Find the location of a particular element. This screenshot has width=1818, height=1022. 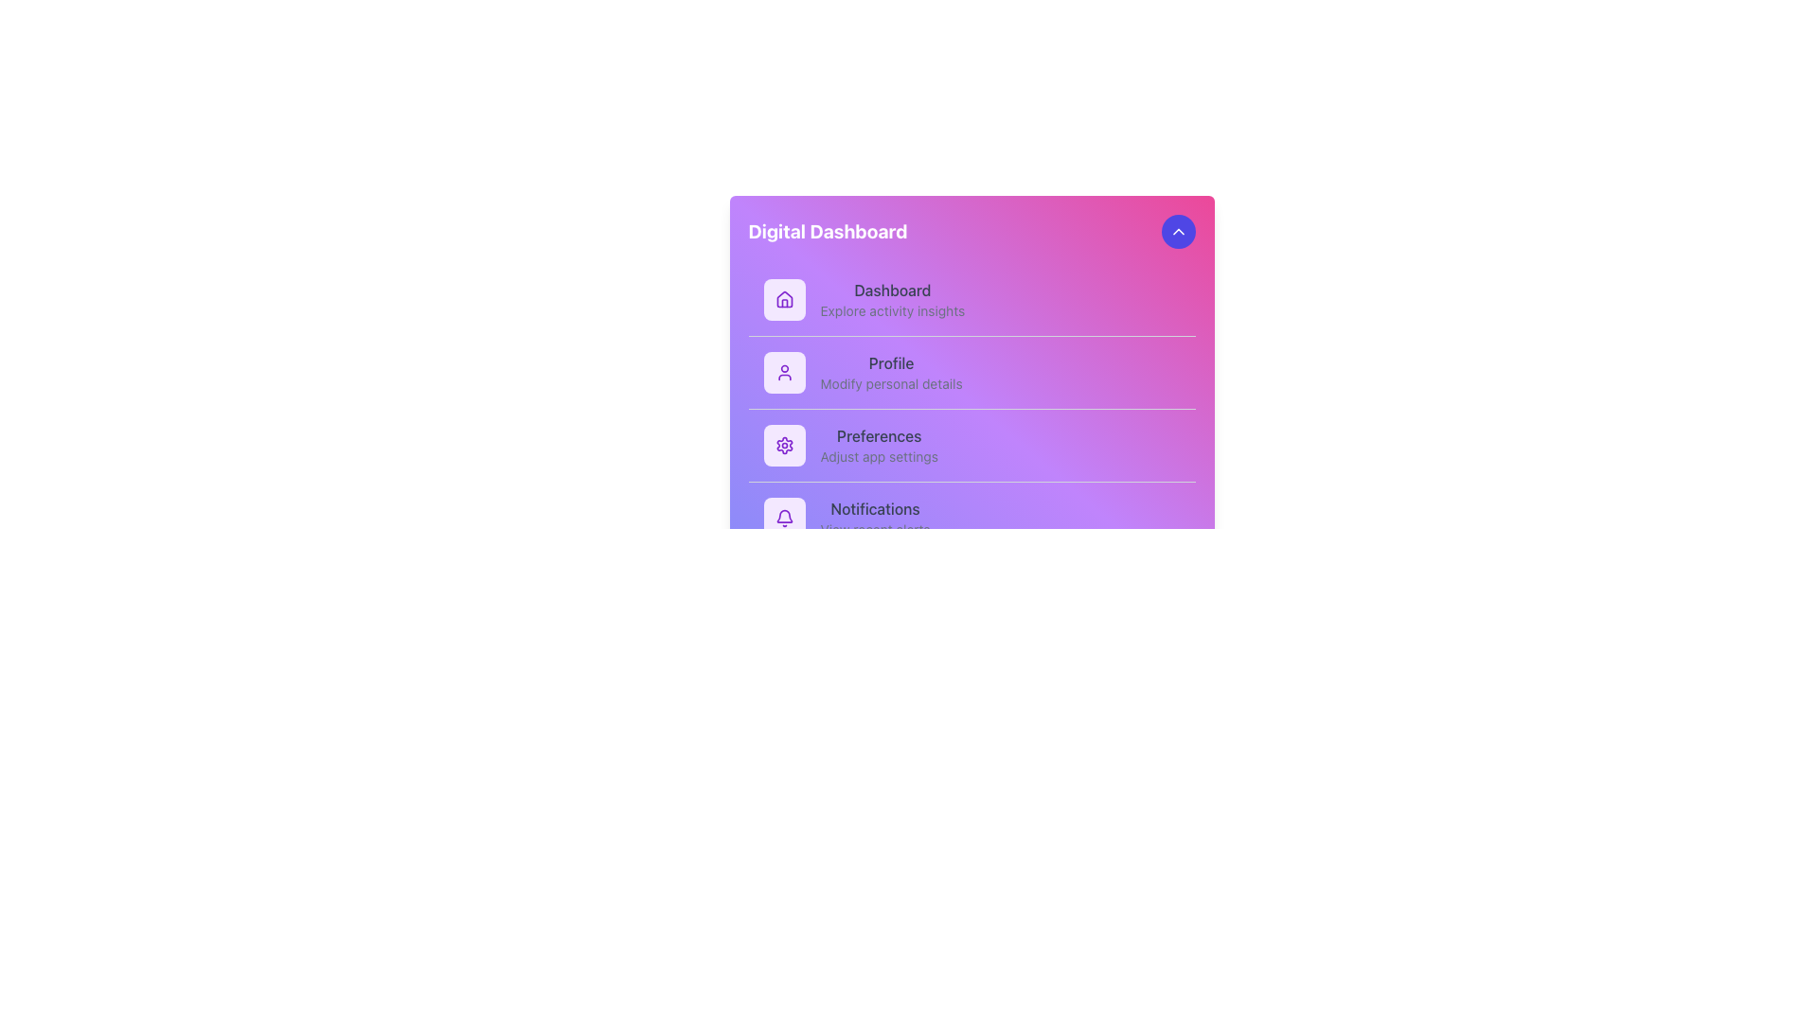

the bell icon located within a purple-colored rounded rectangle at the bottom of the visible panel is located at coordinates (784, 518).